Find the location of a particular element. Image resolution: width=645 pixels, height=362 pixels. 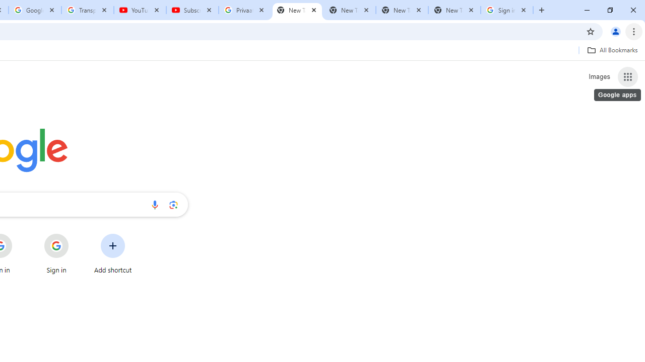

'Google Account' is located at coordinates (35, 10).